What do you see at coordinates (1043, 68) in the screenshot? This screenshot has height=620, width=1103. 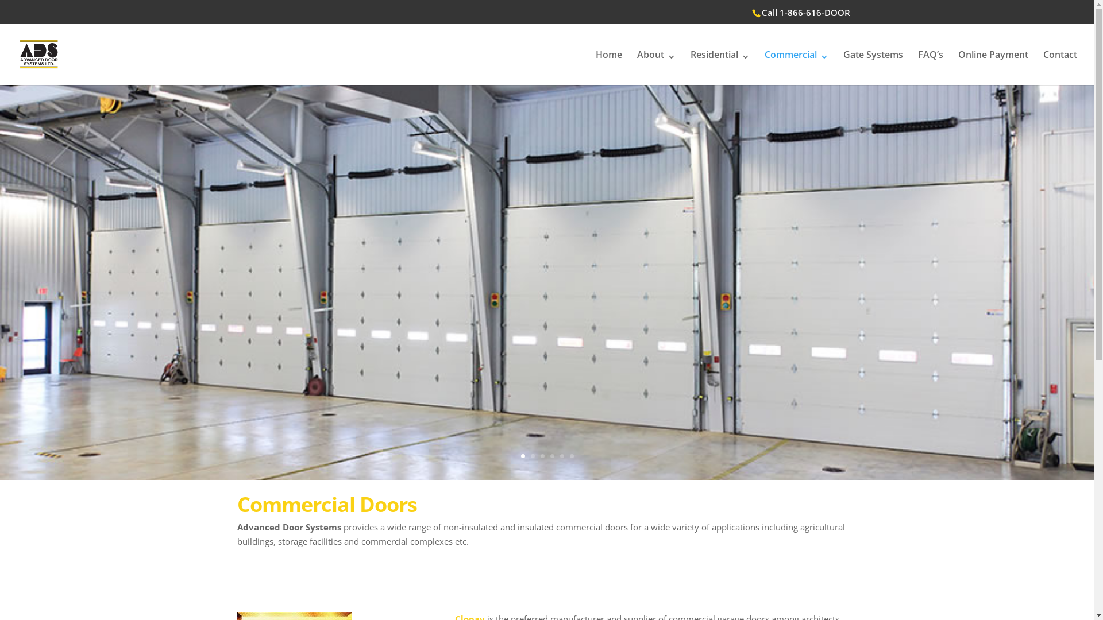 I see `'Contact'` at bounding box center [1043, 68].